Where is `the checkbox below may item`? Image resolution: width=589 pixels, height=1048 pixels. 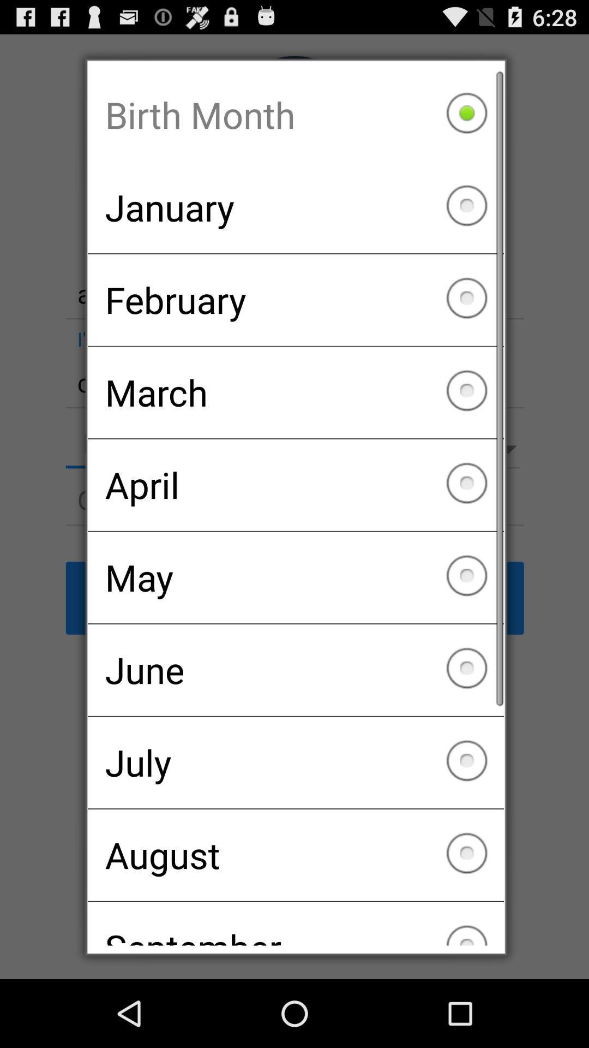
the checkbox below may item is located at coordinates (296, 669).